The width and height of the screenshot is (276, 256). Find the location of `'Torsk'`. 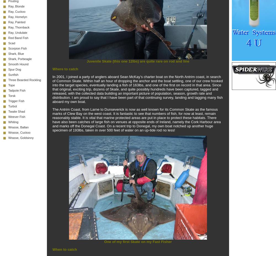

'Torsk' is located at coordinates (12, 95).